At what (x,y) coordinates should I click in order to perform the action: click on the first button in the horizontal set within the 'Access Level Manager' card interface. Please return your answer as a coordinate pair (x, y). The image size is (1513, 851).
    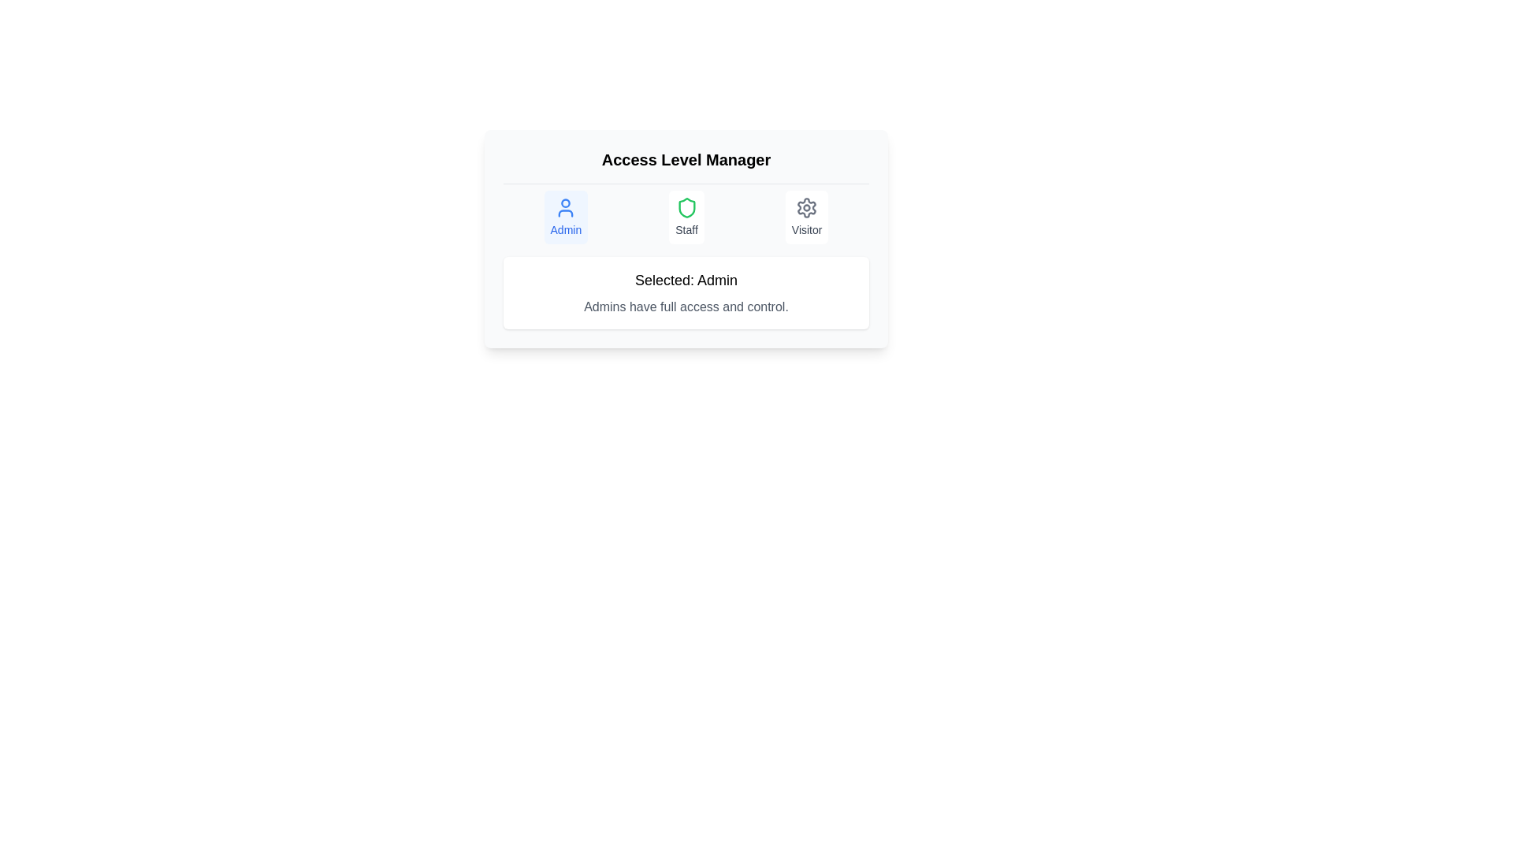
    Looking at the image, I should click on (566, 217).